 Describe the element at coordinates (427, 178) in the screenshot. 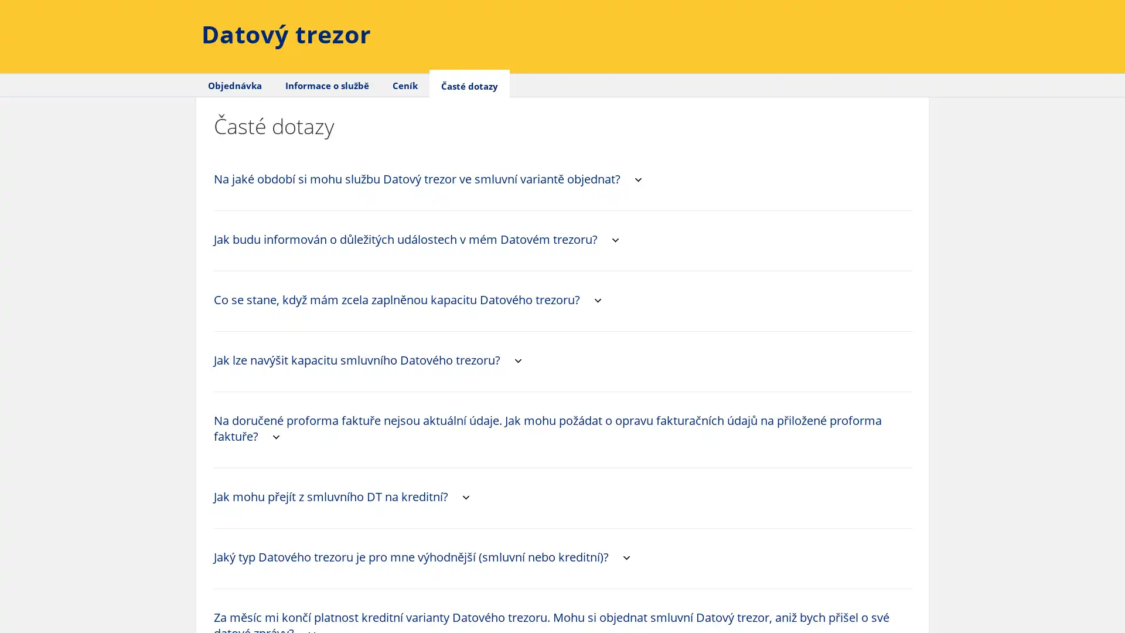

I see `Na jake obdobi si mohu sluzbu Datovy trezor ve smluvni variante objednat? collapse-arrow` at that location.